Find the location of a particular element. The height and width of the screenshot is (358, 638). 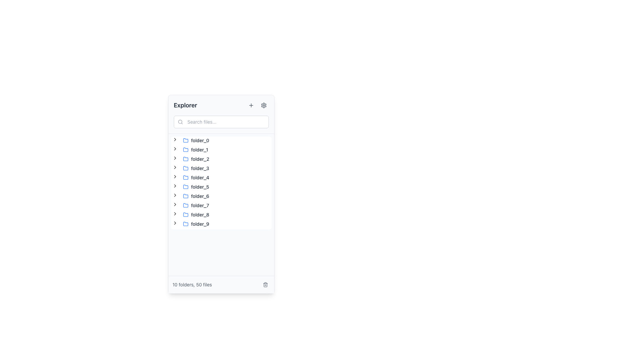

the folder item in the left-side explorer panel, which is the second item in the vertical list of folder entries is located at coordinates (195, 149).